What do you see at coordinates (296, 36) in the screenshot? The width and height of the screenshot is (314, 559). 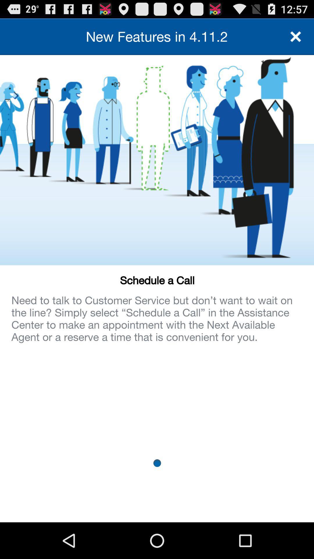 I see `window` at bounding box center [296, 36].